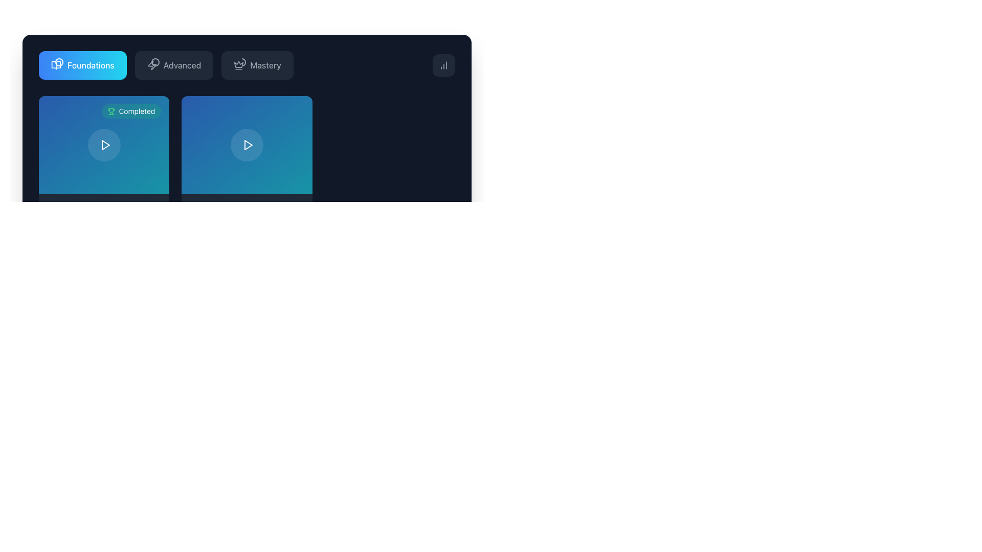 This screenshot has width=982, height=552. What do you see at coordinates (105, 145) in the screenshot?
I see `the play icon` at bounding box center [105, 145].